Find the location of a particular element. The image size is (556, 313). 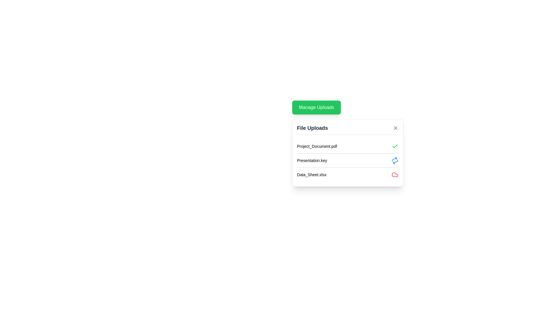

the retry/loading icon located to the right of the file name 'Presentation.key' in the file upload list is located at coordinates (394, 161).